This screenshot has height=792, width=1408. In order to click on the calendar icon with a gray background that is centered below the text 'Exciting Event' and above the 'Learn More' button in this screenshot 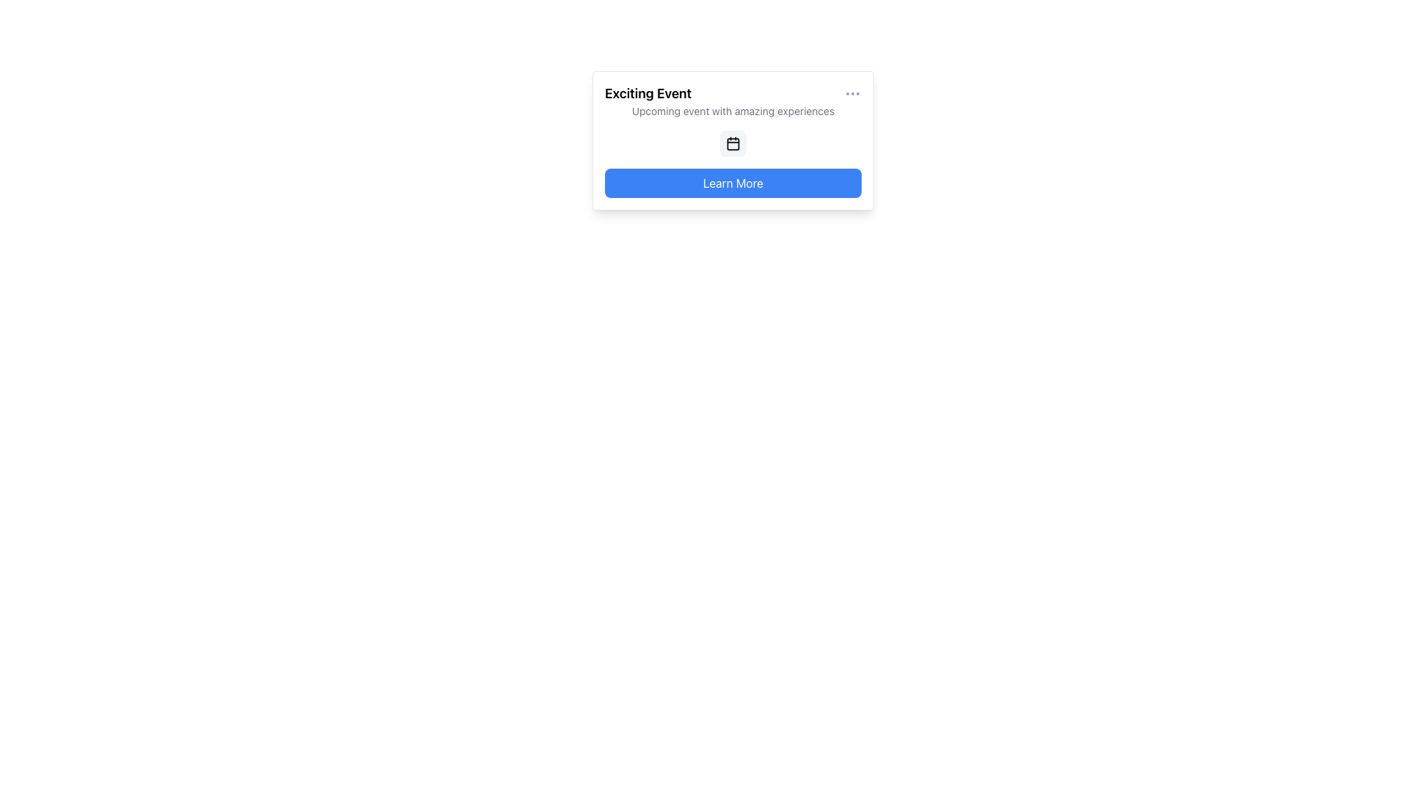, I will do `click(733, 144)`.